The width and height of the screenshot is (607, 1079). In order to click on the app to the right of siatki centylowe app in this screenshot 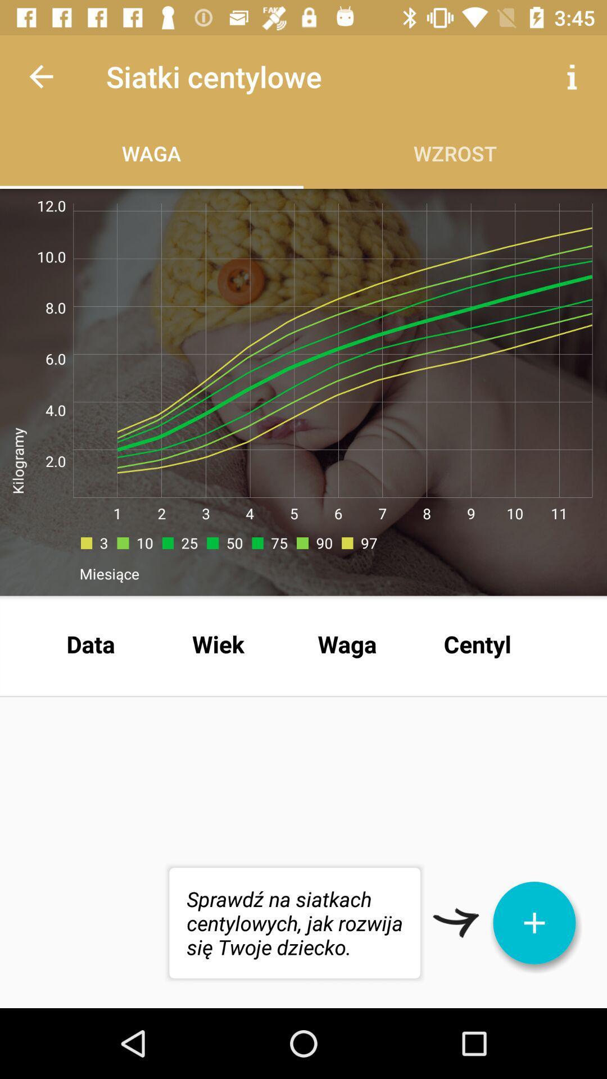, I will do `click(572, 76)`.